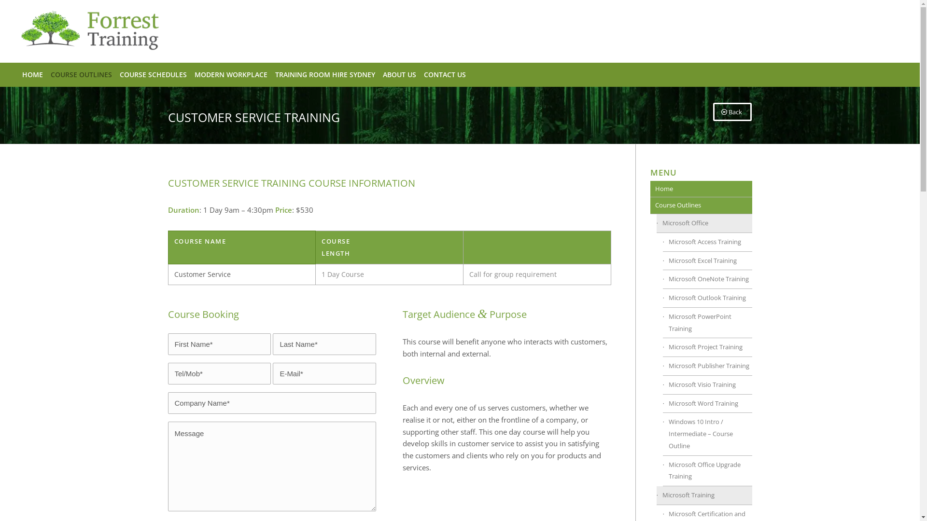  Describe the element at coordinates (707, 366) in the screenshot. I see `'Microsoft Publisher Training'` at that location.